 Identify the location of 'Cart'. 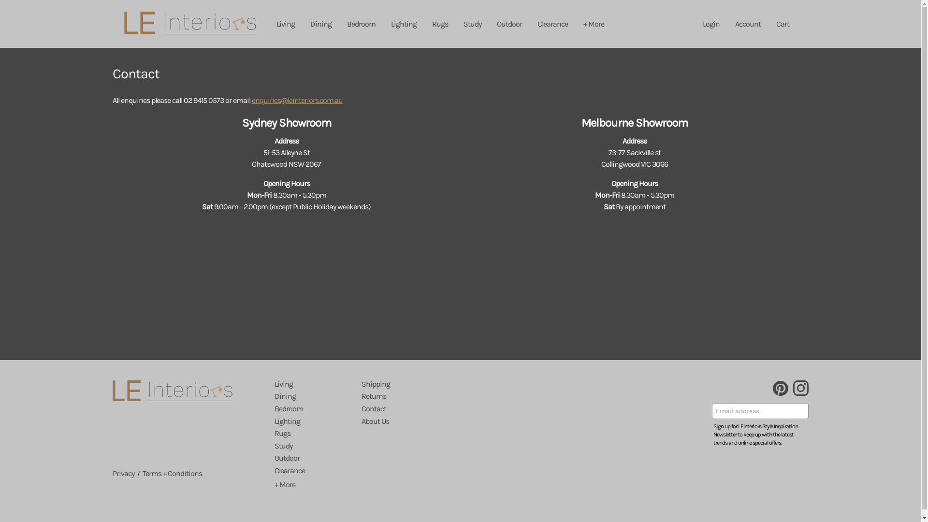
(783, 23).